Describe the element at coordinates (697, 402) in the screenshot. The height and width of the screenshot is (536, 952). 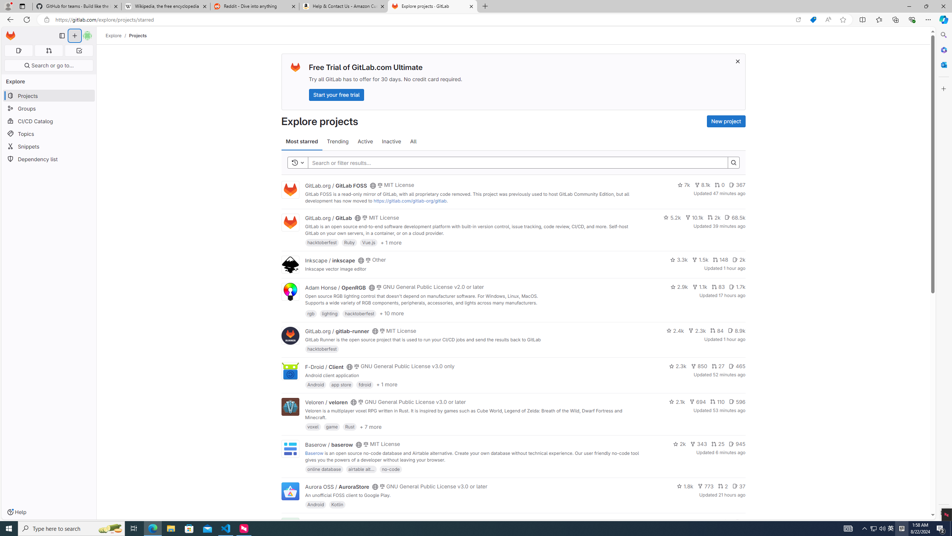
I see `'694'` at that location.